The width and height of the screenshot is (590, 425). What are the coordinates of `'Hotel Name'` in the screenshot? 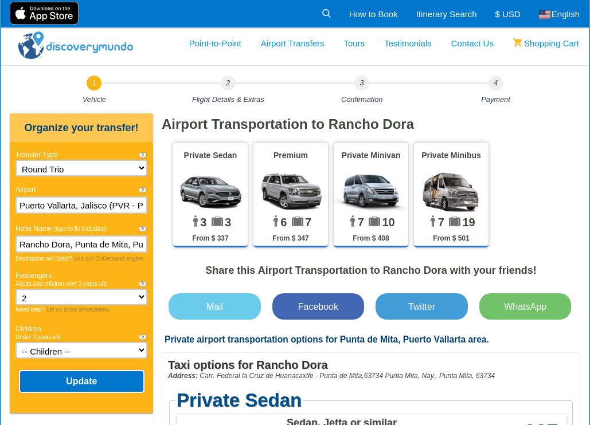 It's located at (33, 228).